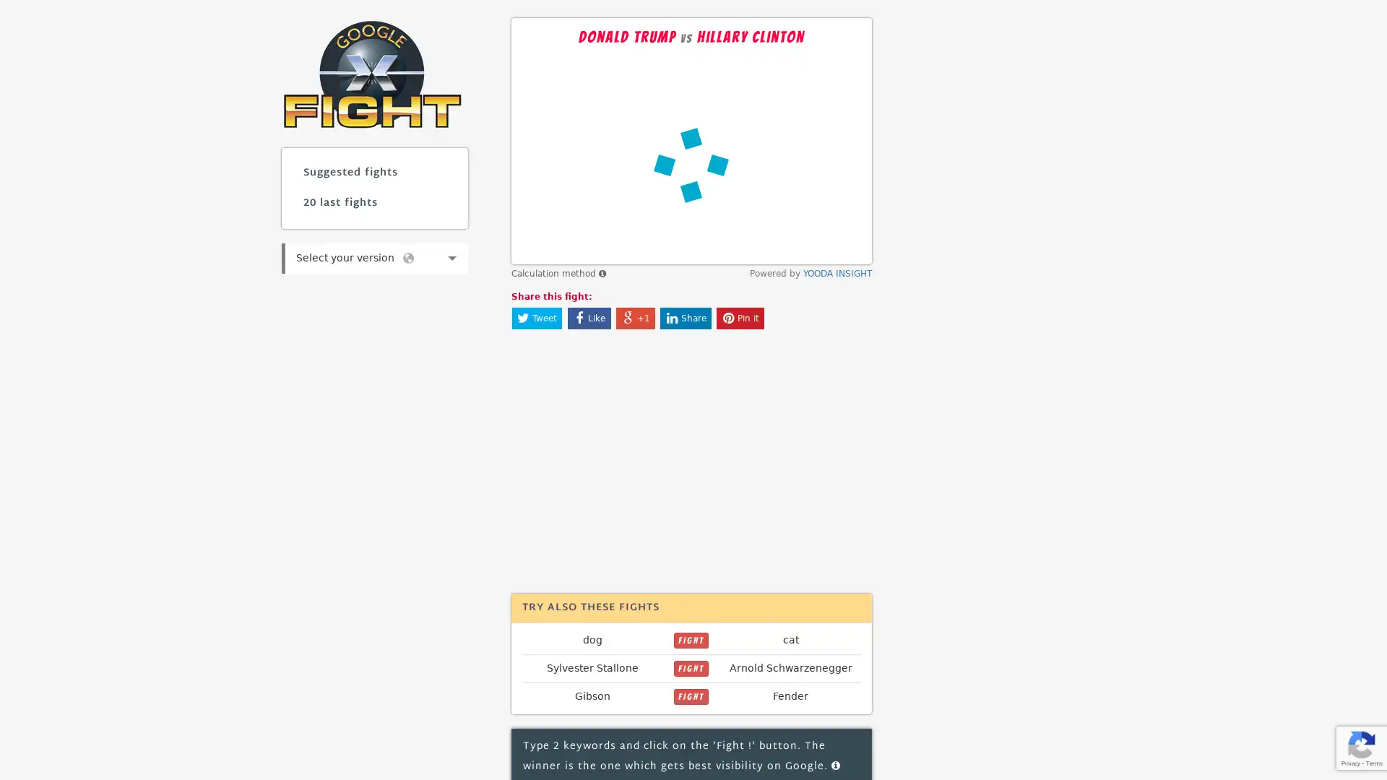 The height and width of the screenshot is (780, 1387). I want to click on FIGHT, so click(690, 640).